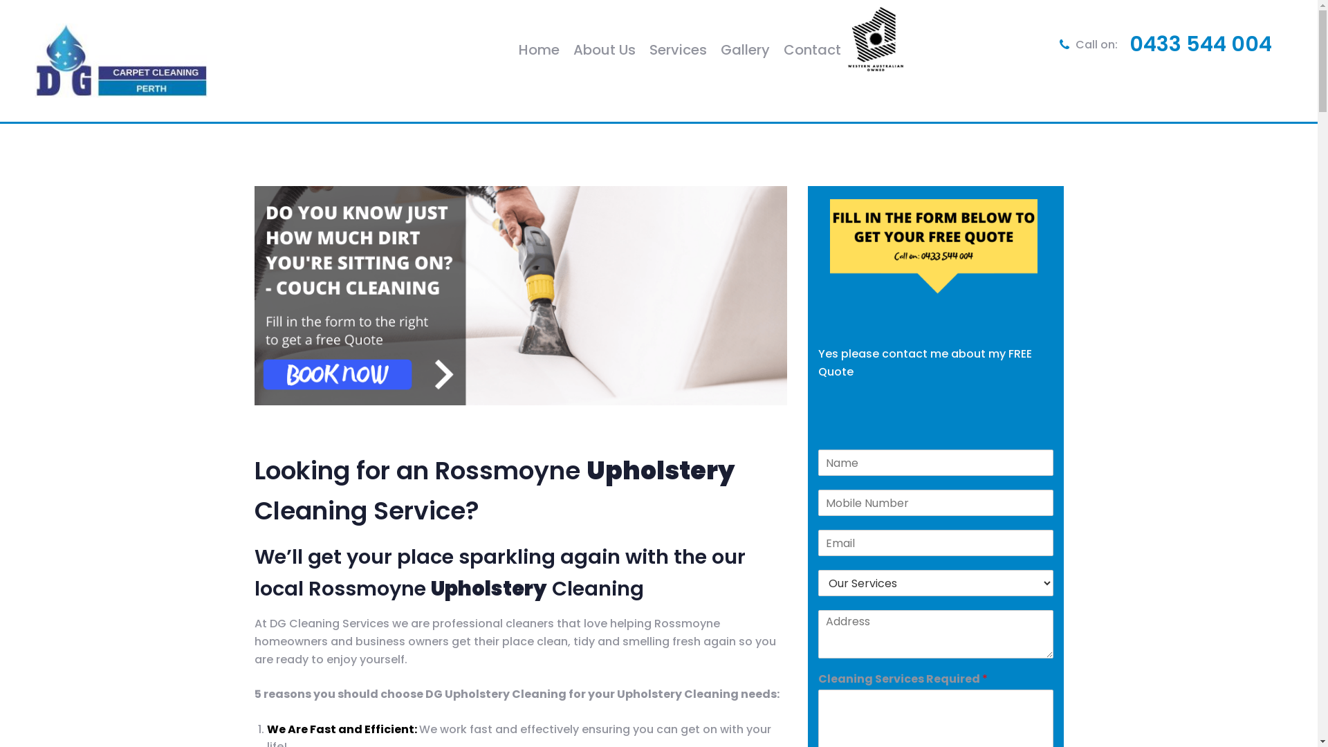 The height and width of the screenshot is (747, 1328). Describe the element at coordinates (678, 49) in the screenshot. I see `'Services'` at that location.